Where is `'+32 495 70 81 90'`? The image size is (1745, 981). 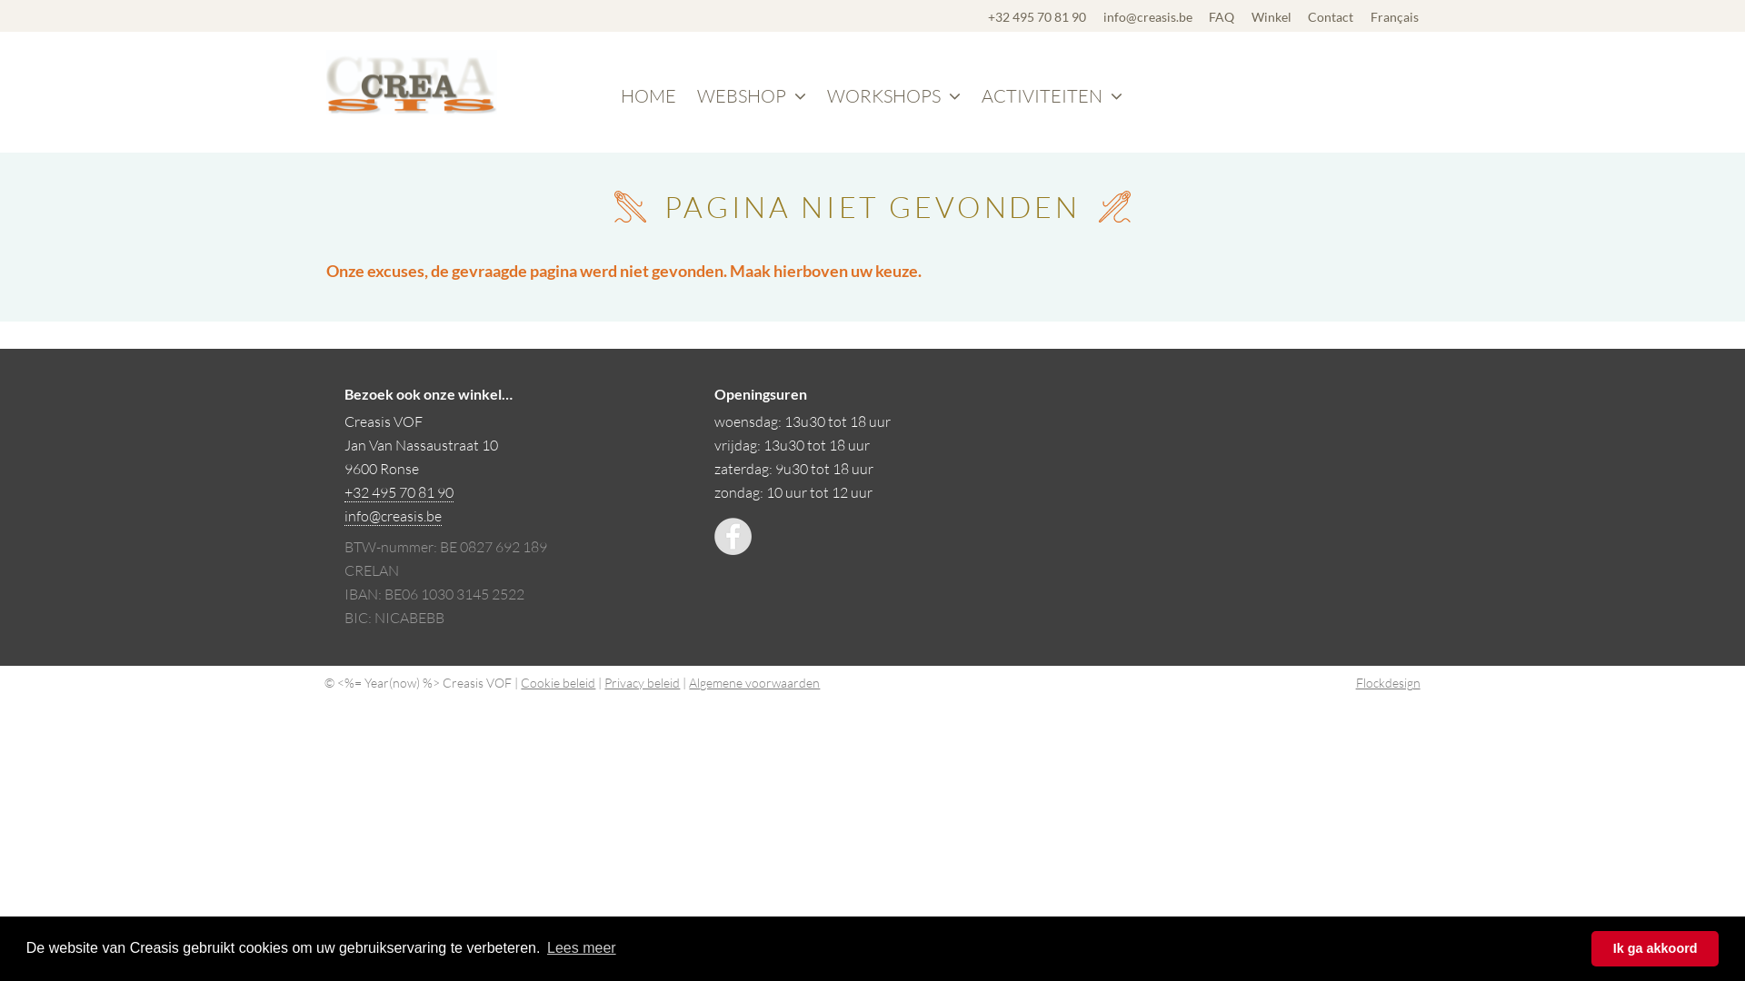
'+32 495 70 81 90' is located at coordinates (397, 492).